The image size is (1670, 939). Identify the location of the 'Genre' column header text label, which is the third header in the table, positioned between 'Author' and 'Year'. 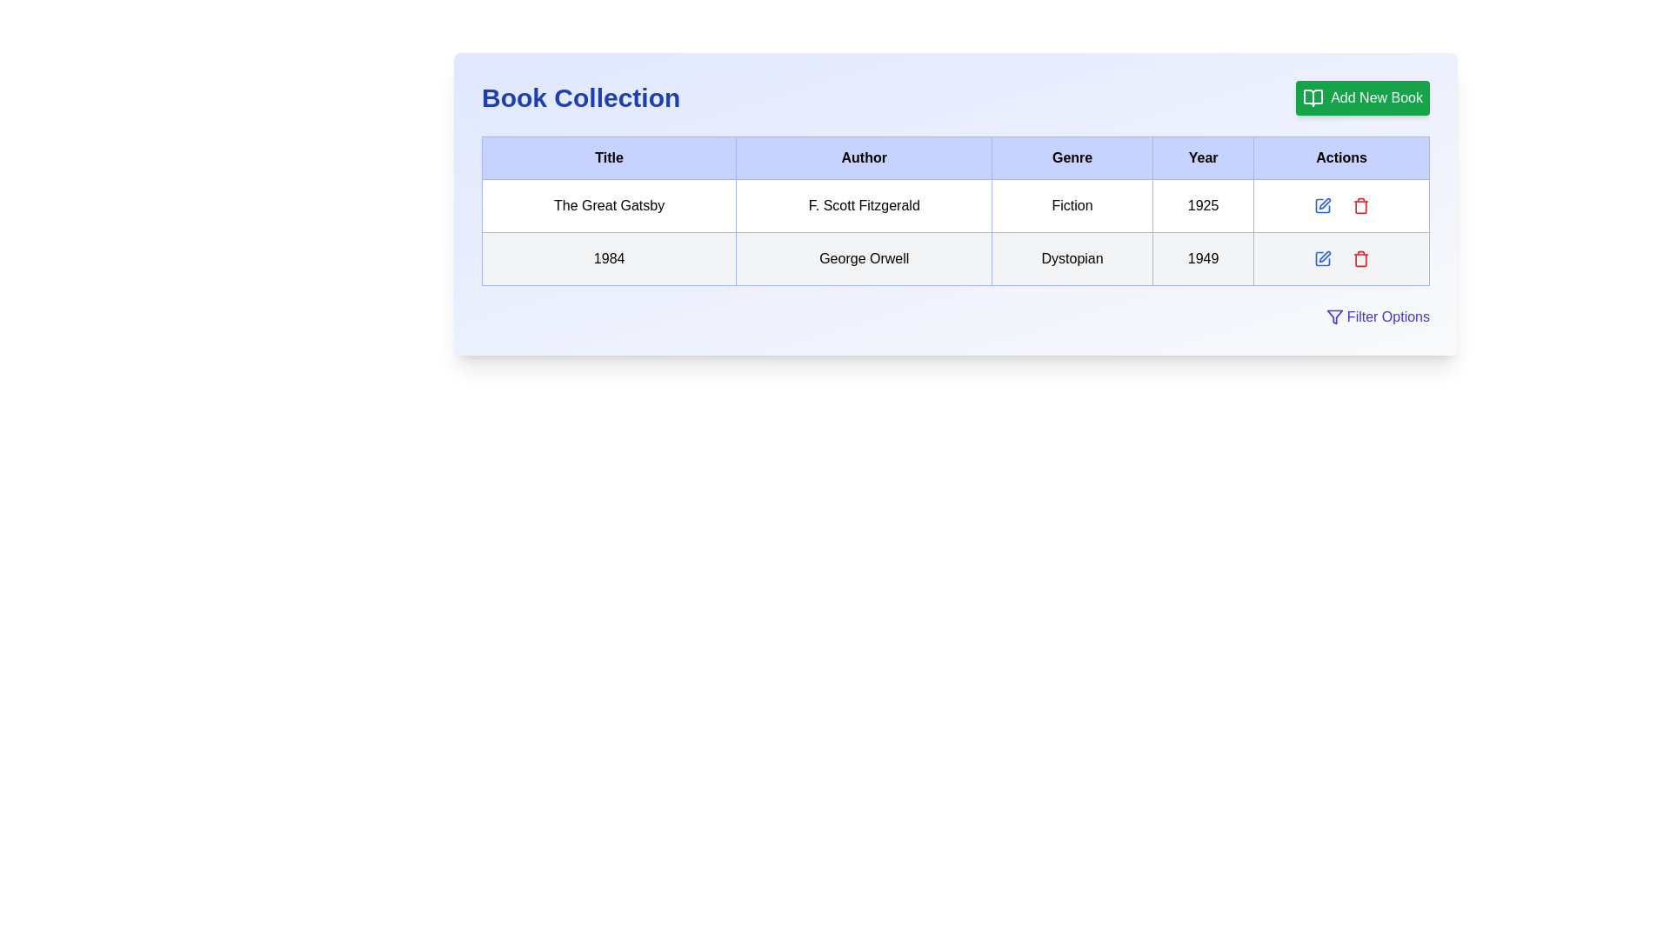
(1072, 157).